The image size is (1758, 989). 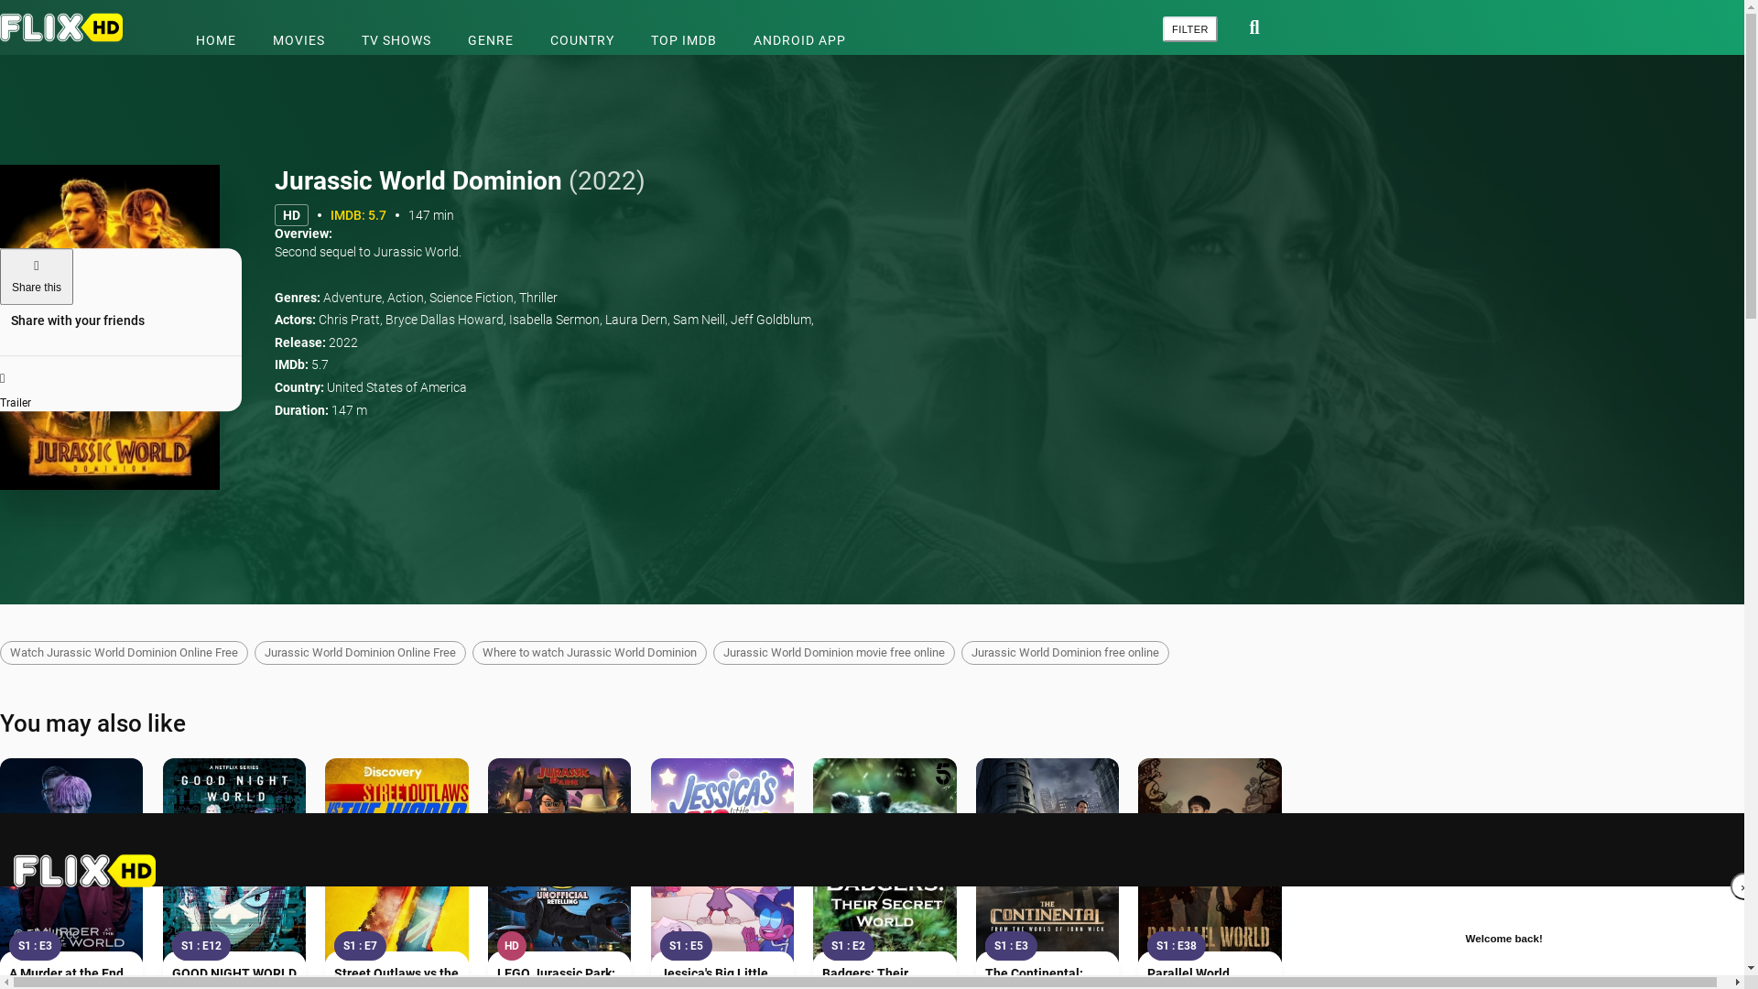 What do you see at coordinates (395, 39) in the screenshot?
I see `'TV SHOWS'` at bounding box center [395, 39].